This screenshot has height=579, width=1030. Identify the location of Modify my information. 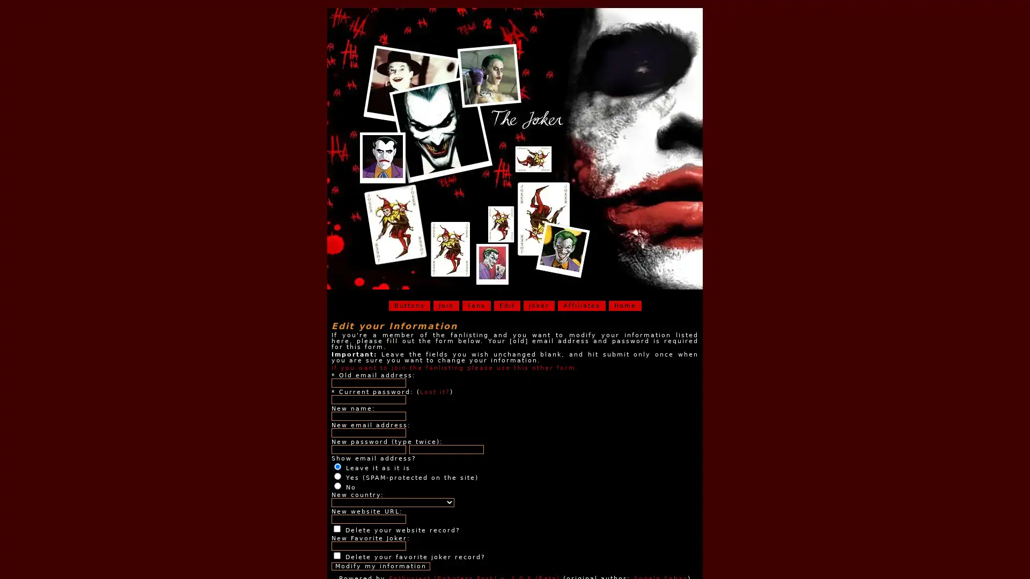
(381, 565).